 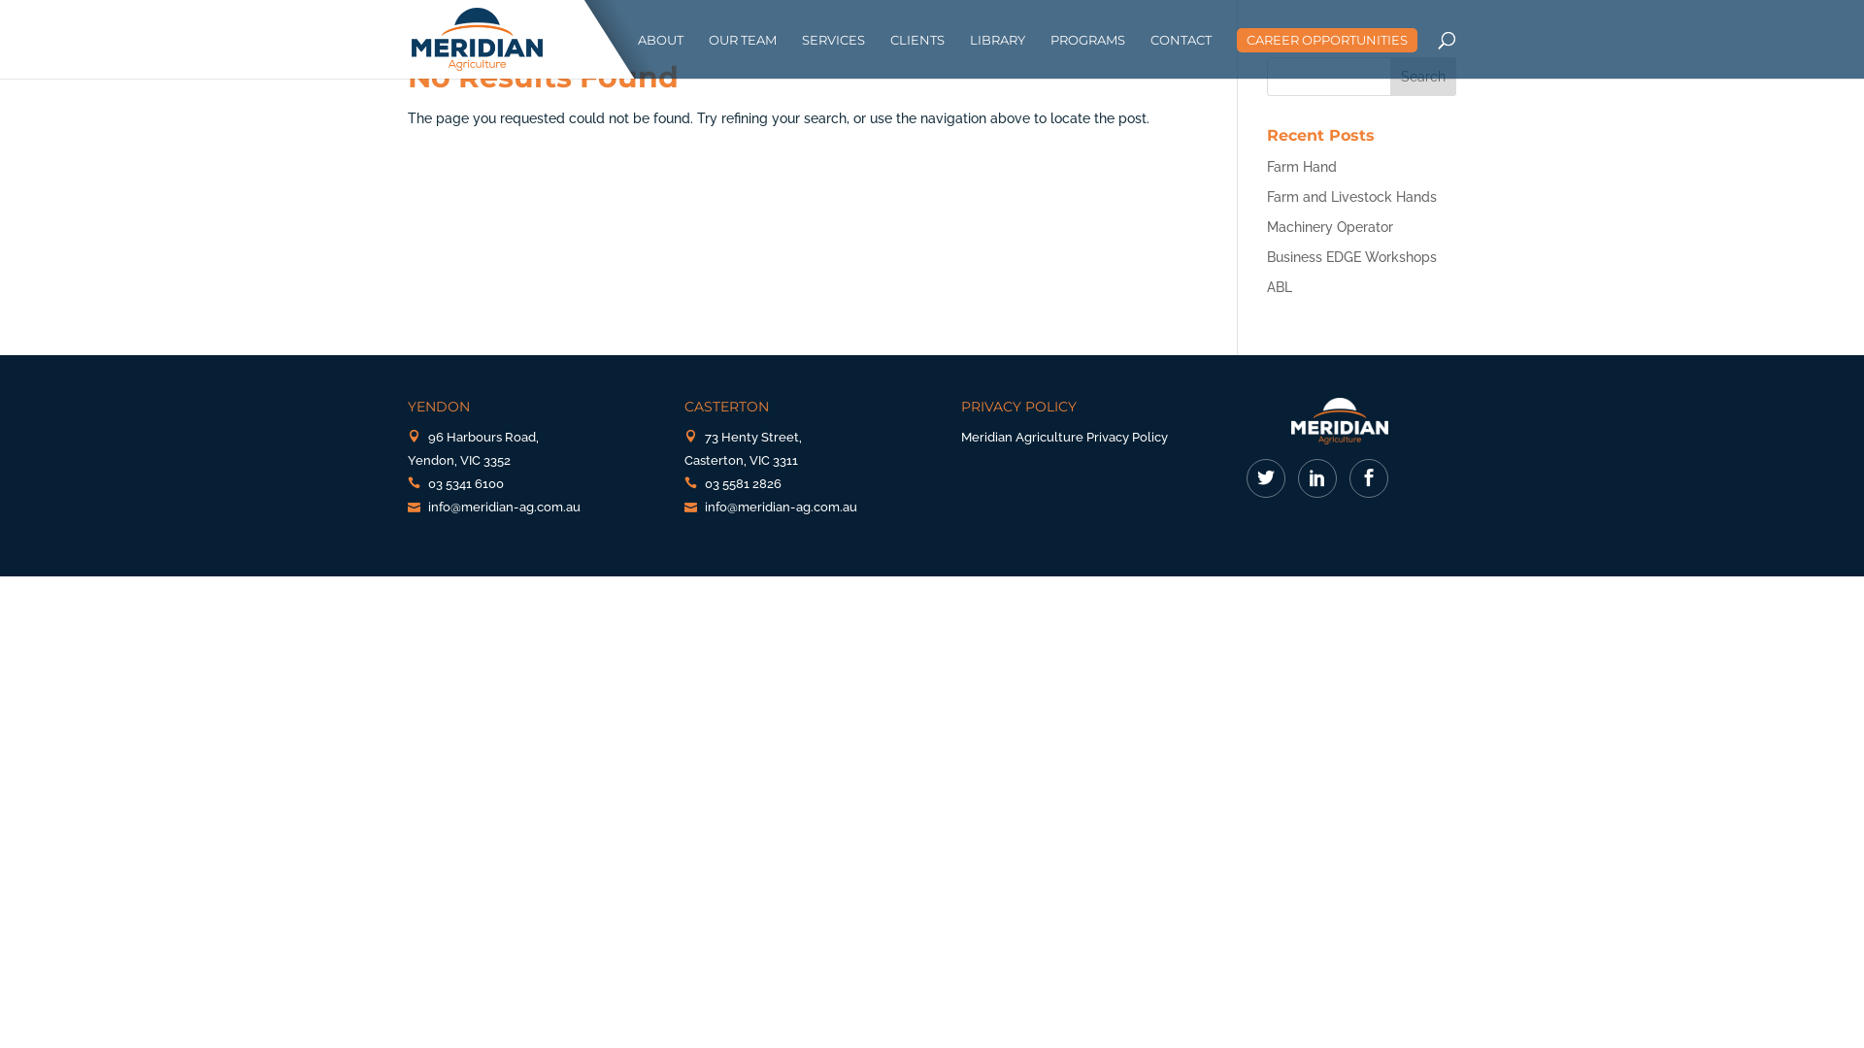 What do you see at coordinates (1350, 197) in the screenshot?
I see `'Farm and Livestock Hands'` at bounding box center [1350, 197].